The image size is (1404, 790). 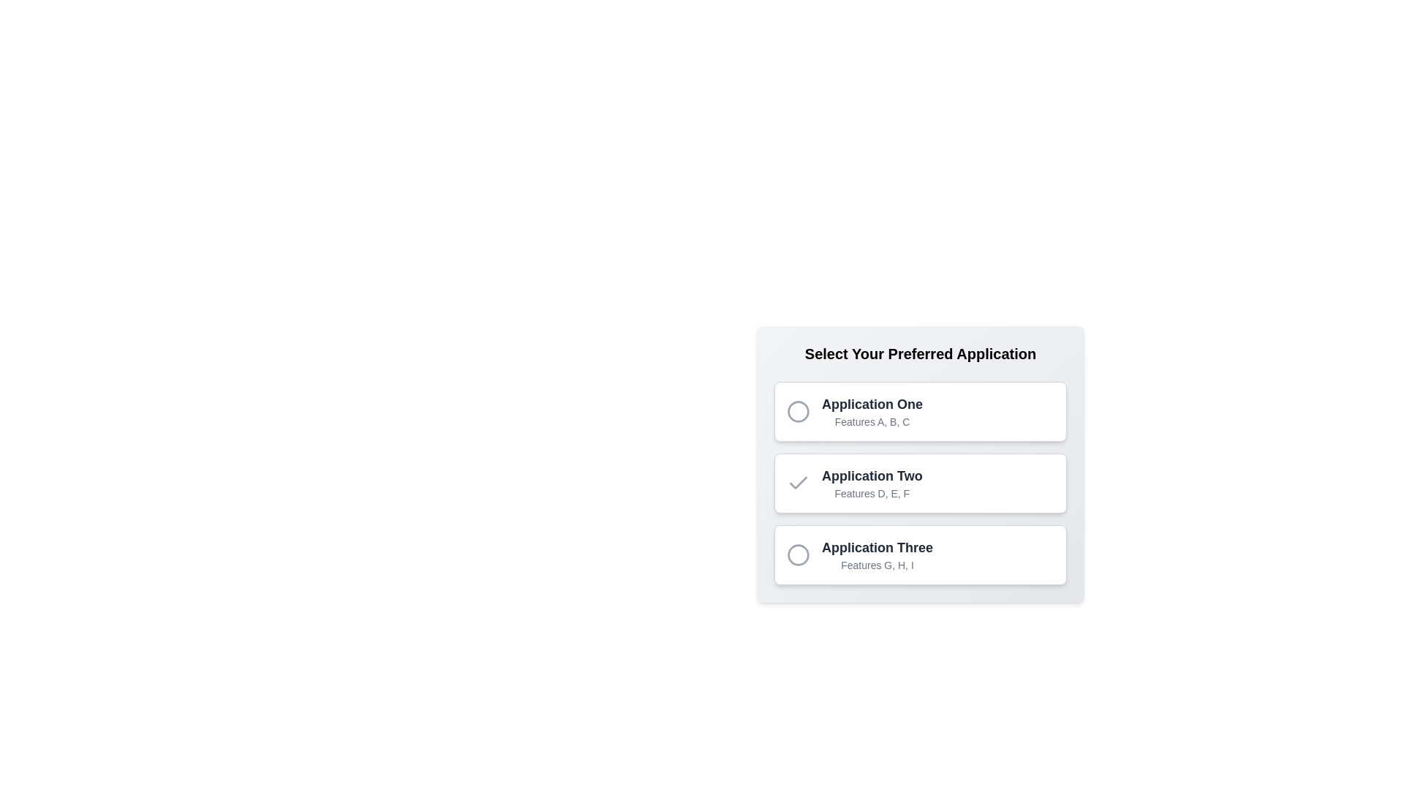 I want to click on the circular icon that indicates the selection status of 'Application One', located to the left of the text 'Application OneFeatures A, B, C', so click(x=797, y=412).